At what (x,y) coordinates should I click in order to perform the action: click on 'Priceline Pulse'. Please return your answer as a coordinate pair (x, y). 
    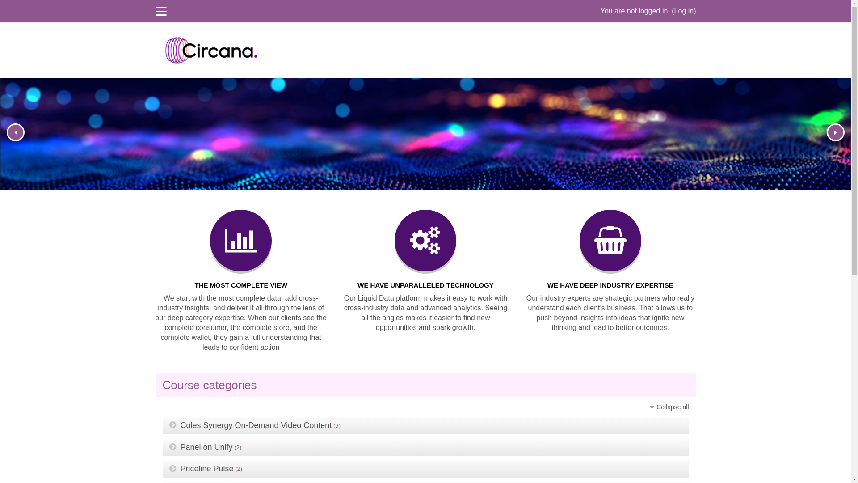
    Looking at the image, I should click on (180, 468).